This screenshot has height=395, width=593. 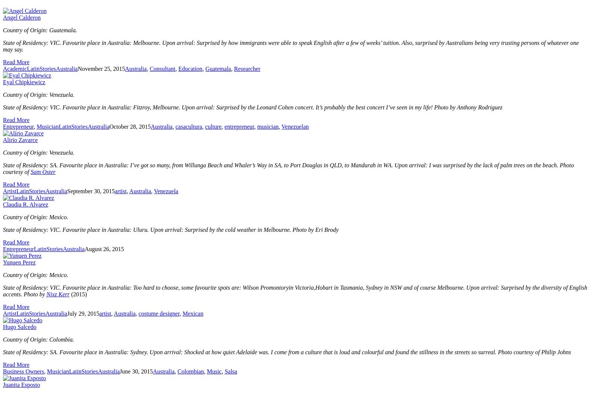 What do you see at coordinates (90, 191) in the screenshot?
I see `'September 30, 2015'` at bounding box center [90, 191].